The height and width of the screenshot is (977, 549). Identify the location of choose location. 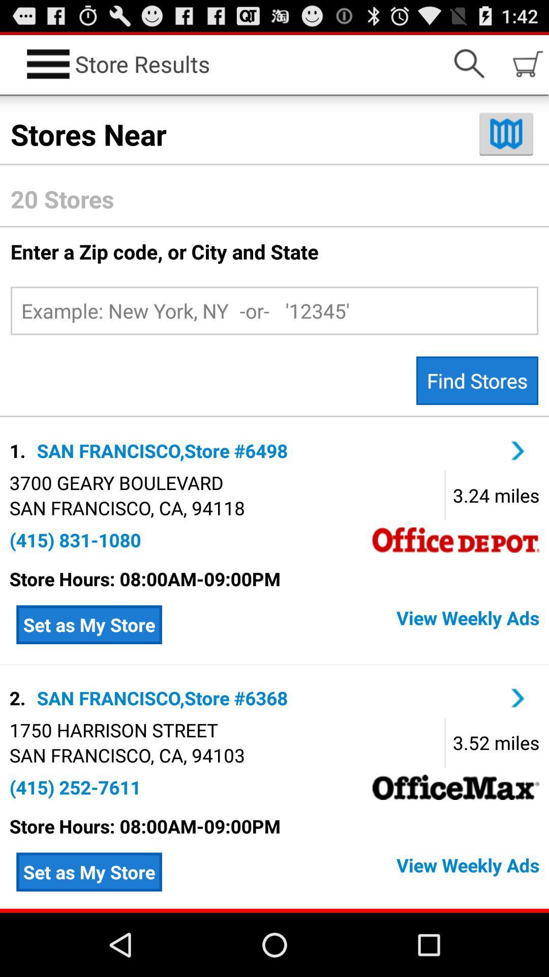
(518, 697).